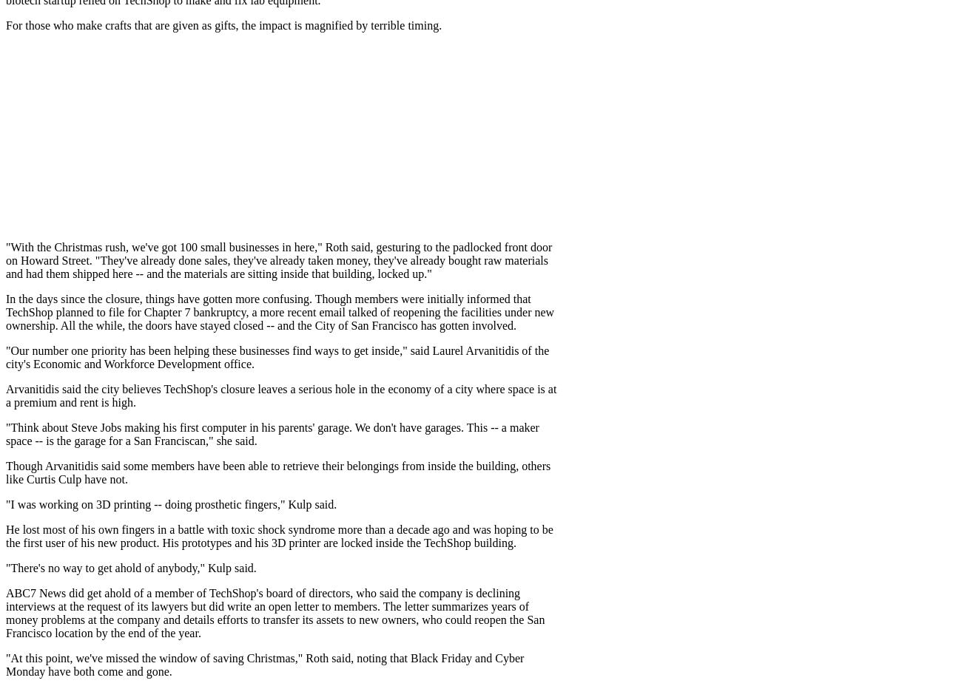 The width and height of the screenshot is (953, 686). What do you see at coordinates (279, 535) in the screenshot?
I see `'He lost most of his own fingers in a battle with toxic shock syndrome more than a decade ago and was hoping to be the first user of his new product. His prototypes and his 3D printer are locked inside the TechShop building.'` at bounding box center [279, 535].